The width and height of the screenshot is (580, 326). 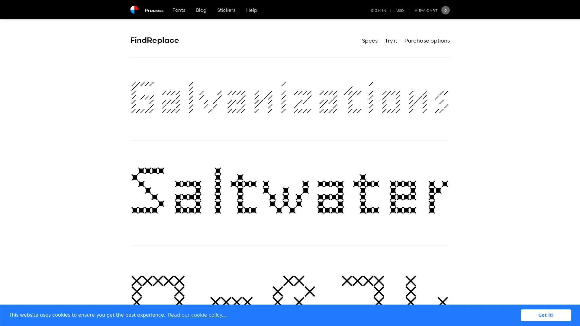 I want to click on learn more about cookies, so click(x=197, y=315).